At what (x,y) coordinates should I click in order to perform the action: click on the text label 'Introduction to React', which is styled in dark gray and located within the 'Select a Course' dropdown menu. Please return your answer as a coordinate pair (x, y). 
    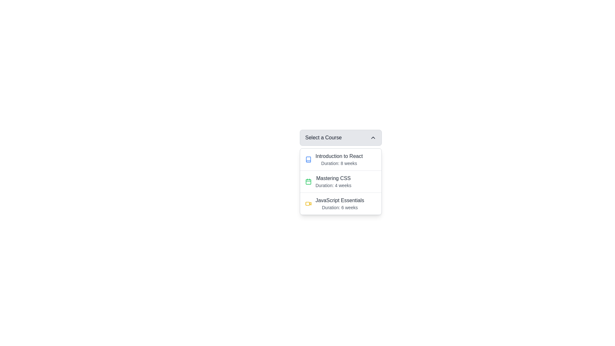
    Looking at the image, I should click on (339, 156).